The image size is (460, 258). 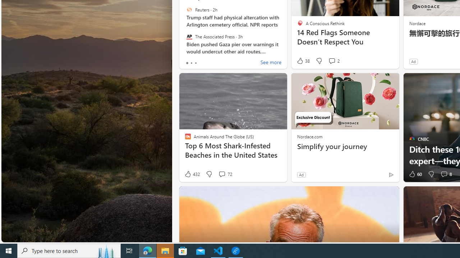 I want to click on 'View comments 72 Comment', so click(x=225, y=174).